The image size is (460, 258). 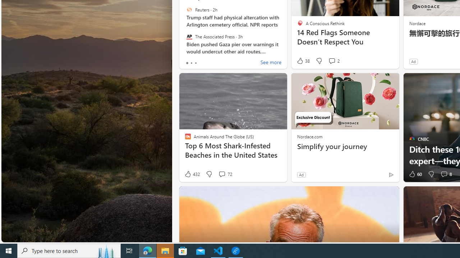 I want to click on 'View comments 72 Comment', so click(x=225, y=174).